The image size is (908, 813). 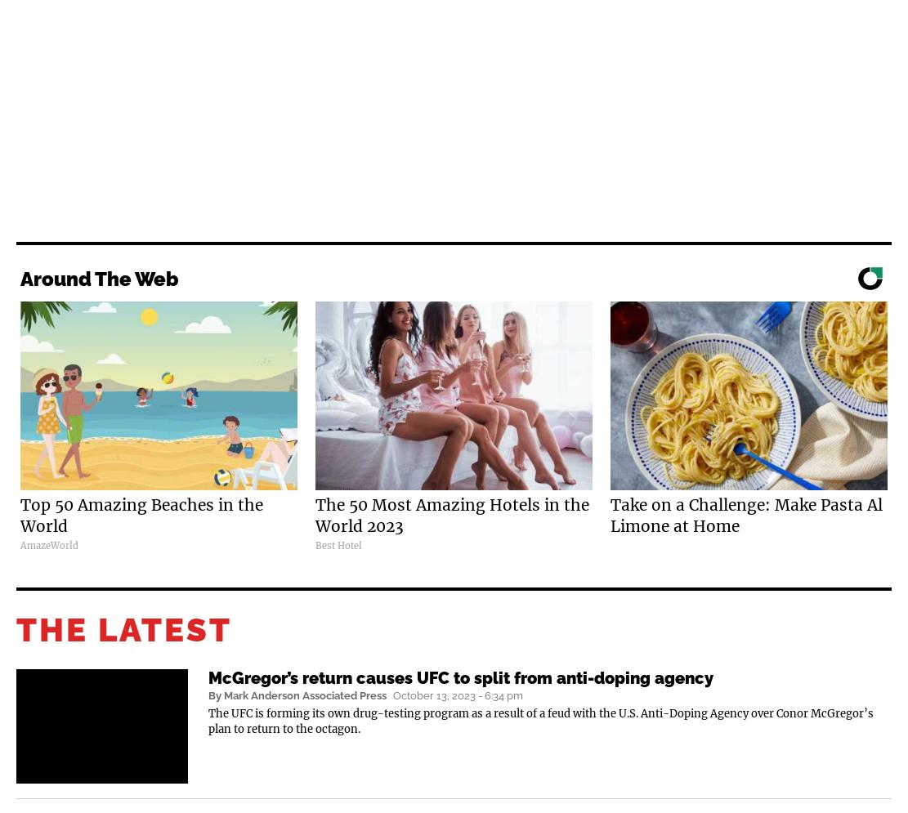 I want to click on 'AmazeWorld', so click(x=49, y=544).